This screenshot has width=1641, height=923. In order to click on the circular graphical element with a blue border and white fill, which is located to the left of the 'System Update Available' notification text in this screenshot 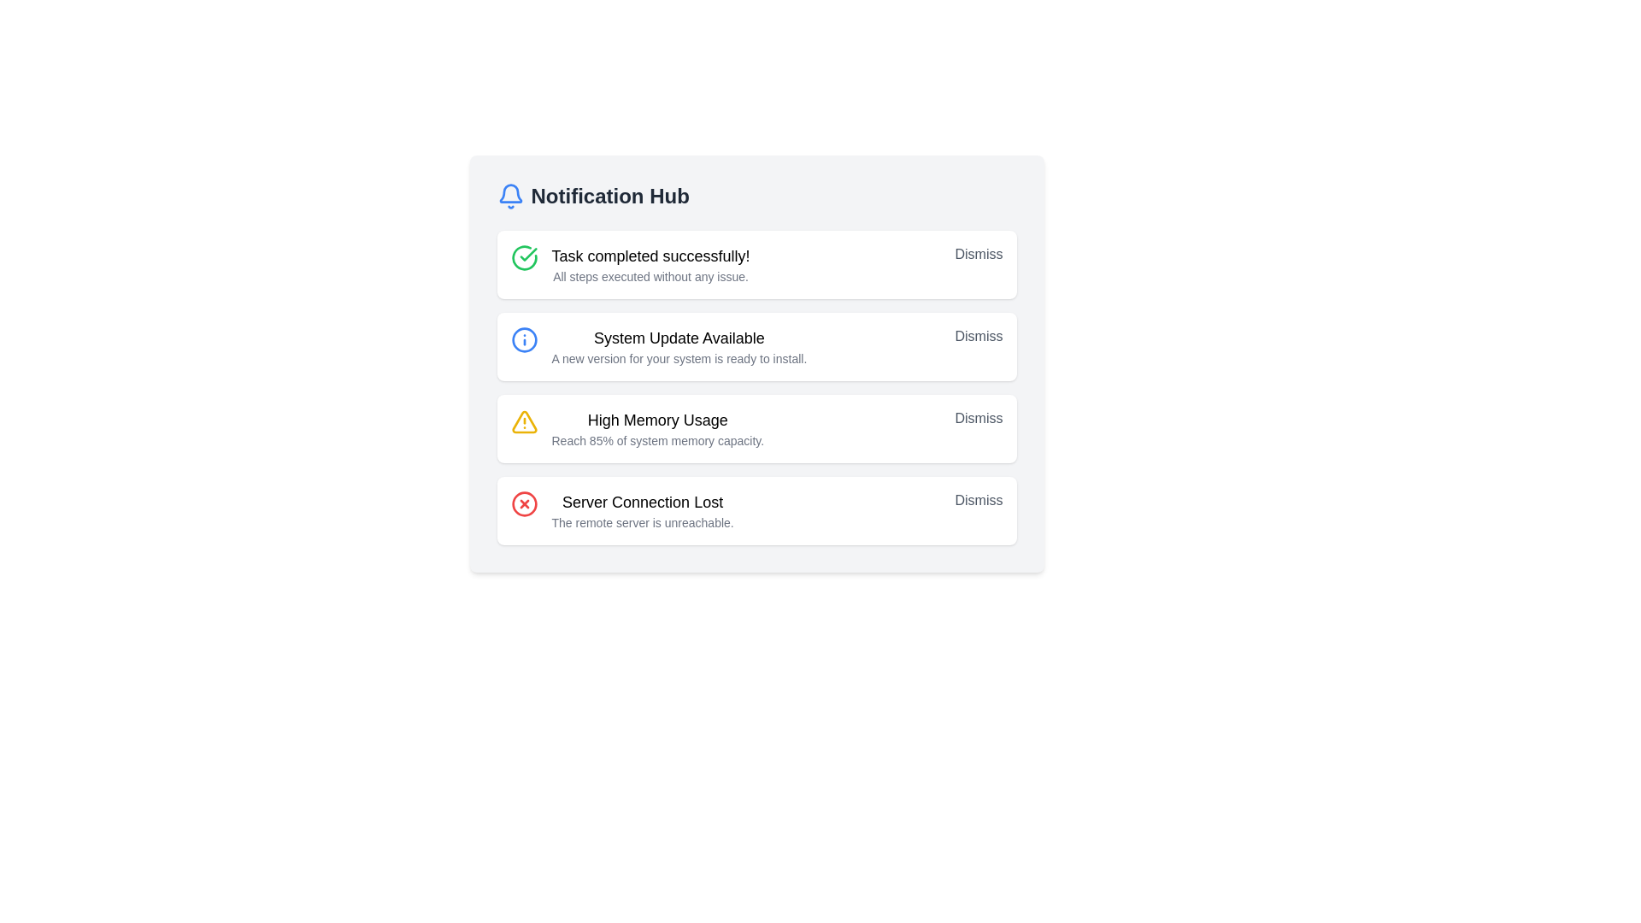, I will do `click(523, 339)`.